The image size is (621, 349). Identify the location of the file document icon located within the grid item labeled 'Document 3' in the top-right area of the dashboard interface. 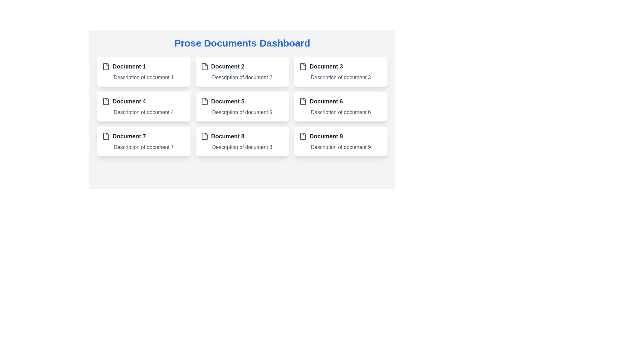
(303, 66).